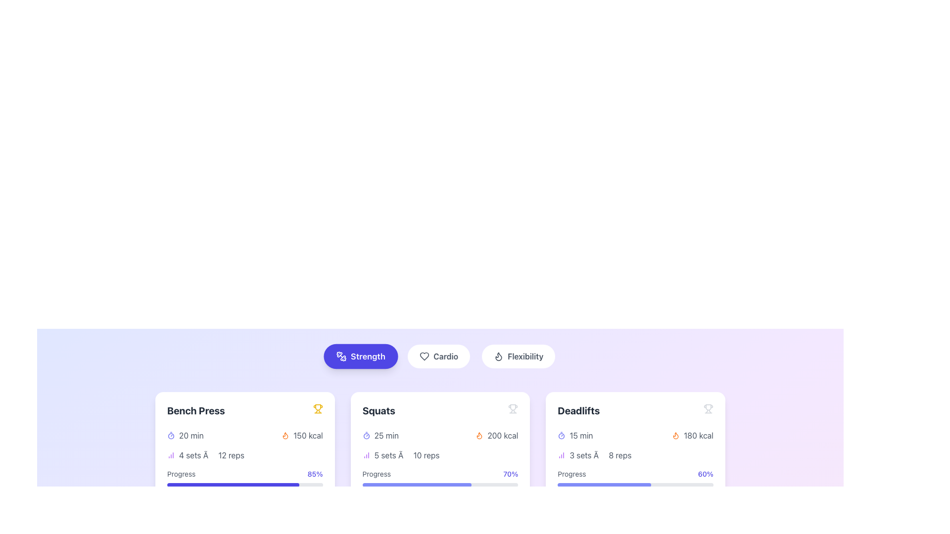 Image resolution: width=950 pixels, height=534 pixels. I want to click on the progress bar indicating 70% completion, located in the third panel from the left, under the text 'Squats' and above the blue text '70%', so click(439, 484).